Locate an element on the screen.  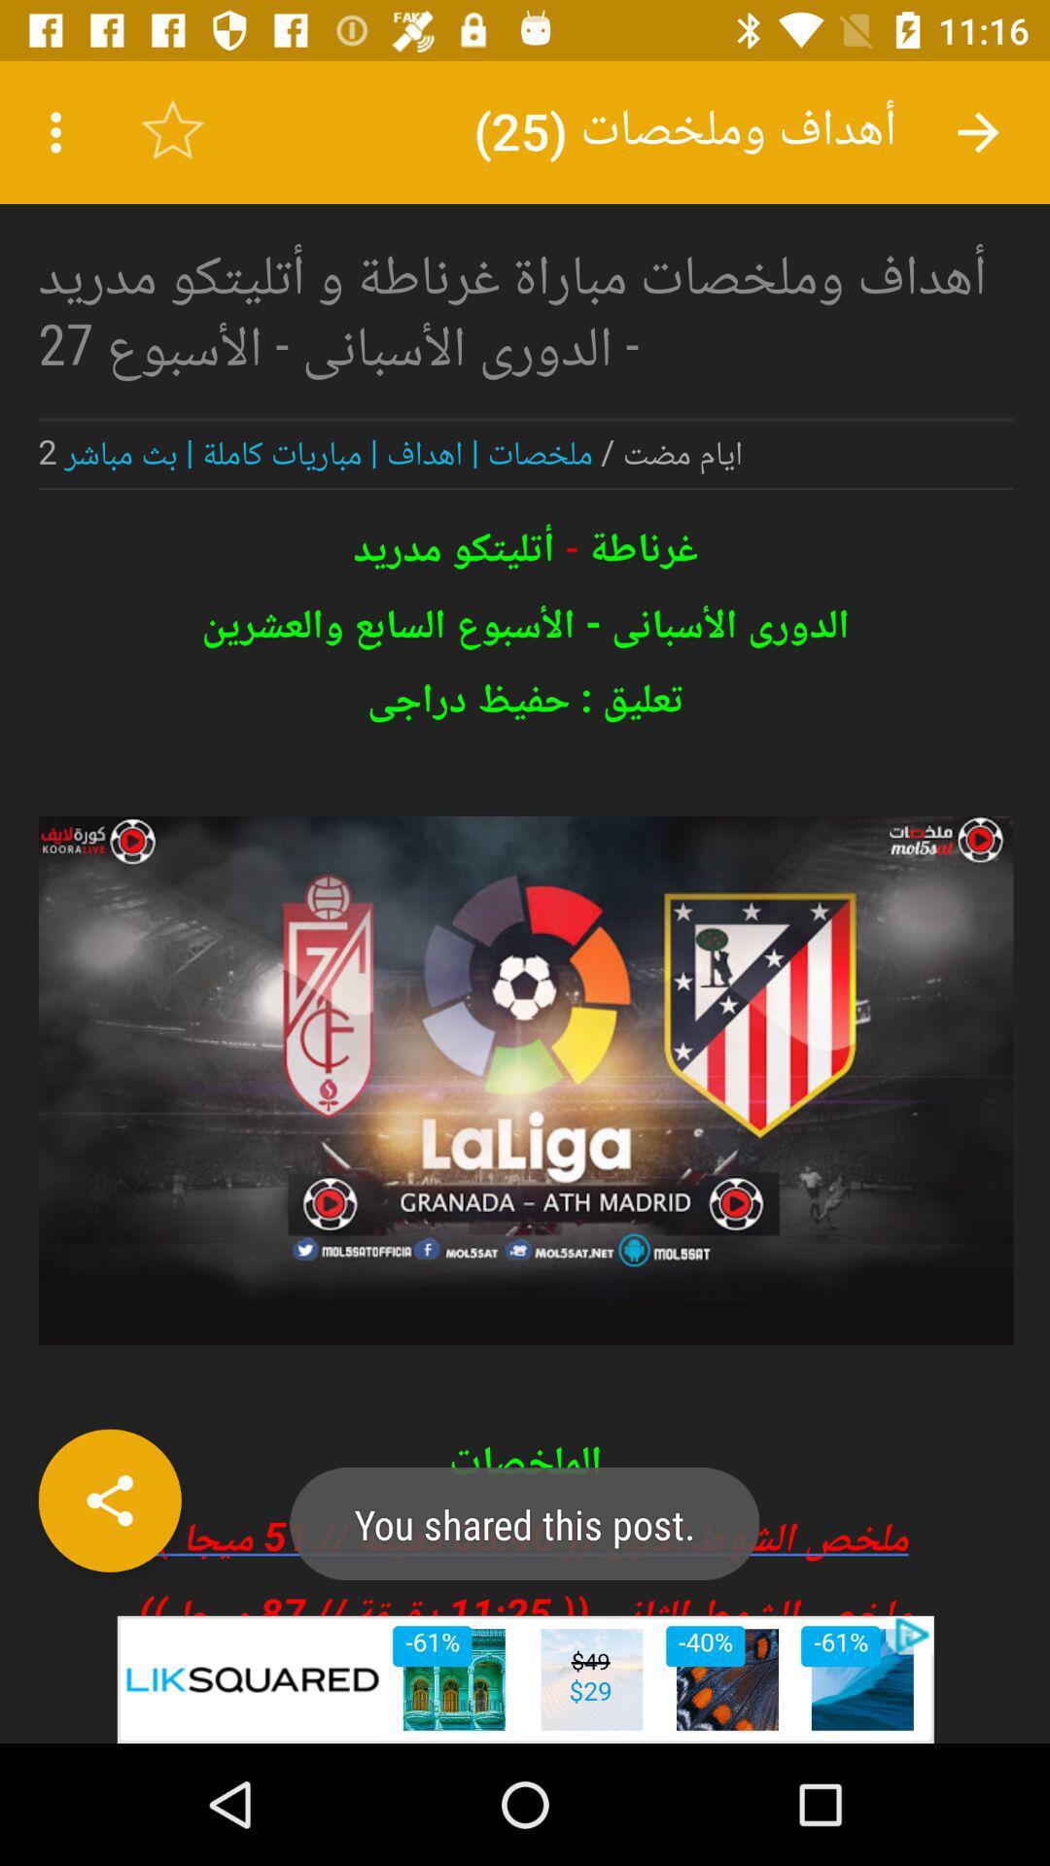
display screen is located at coordinates (525, 838).